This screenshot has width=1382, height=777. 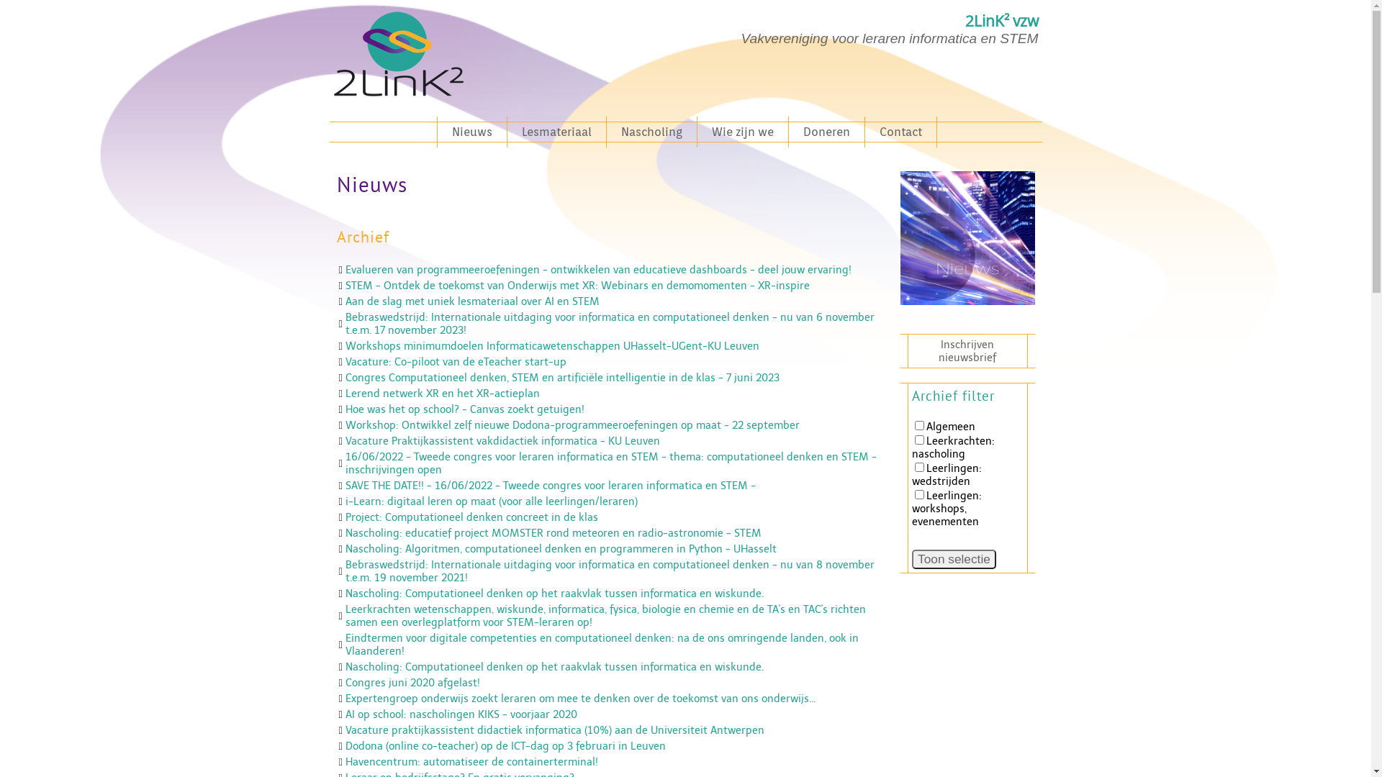 I want to click on 'Vacature: Co-piloot van de eTeacher start-up', so click(x=455, y=360).